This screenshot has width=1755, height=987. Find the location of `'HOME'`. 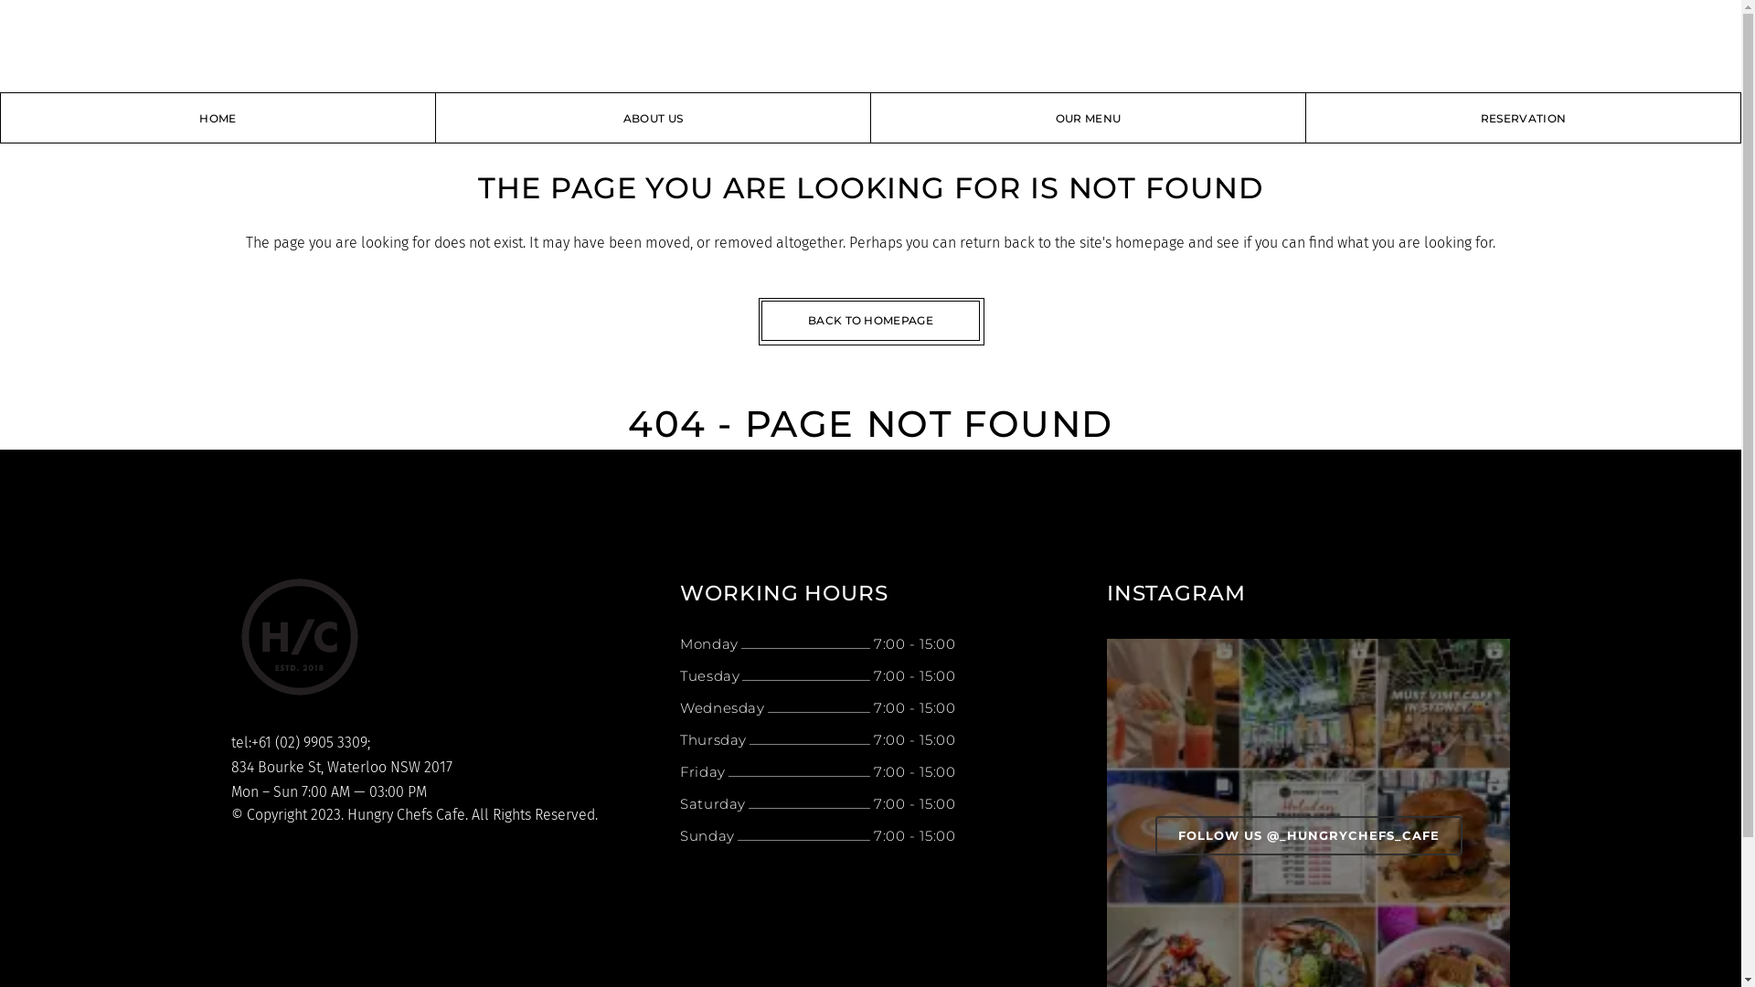

'HOME' is located at coordinates (218, 120).